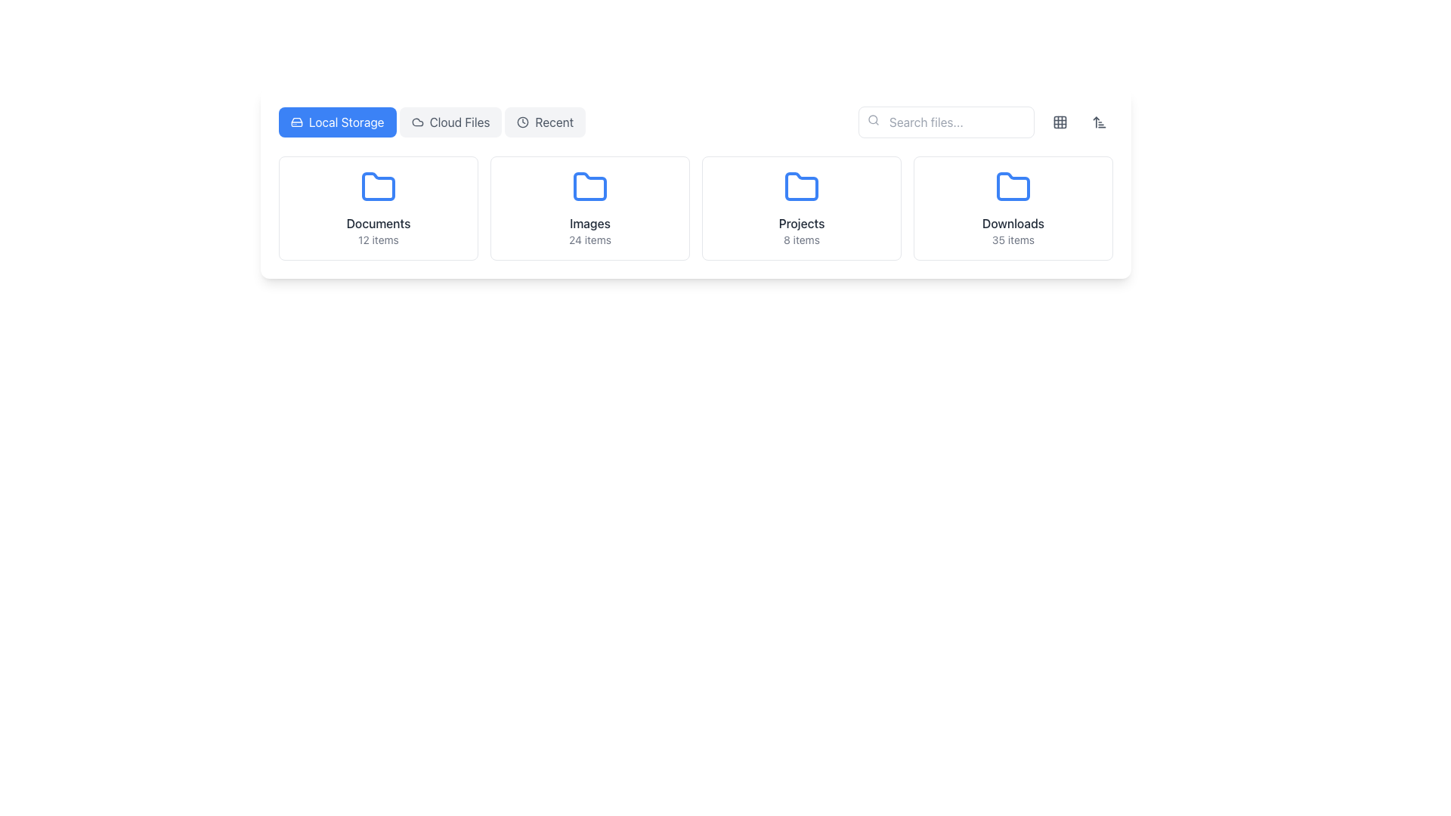 The image size is (1451, 816). Describe the element at coordinates (450, 122) in the screenshot. I see `the 'Cloud Files' button, which is a rounded rectangle with a light gray background and dark gray text, located in the center-top section of the interface` at that location.